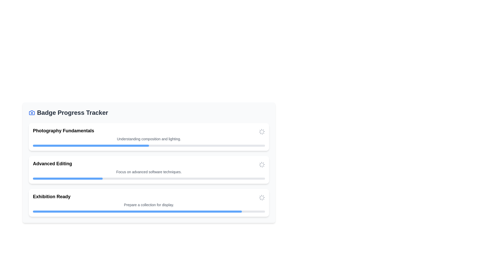 This screenshot has width=494, height=278. Describe the element at coordinates (149, 211) in the screenshot. I see `the progress of the horizontal progress bar located at the bottom of the 'Exhibition Ready' section, directly below the text 'Prepare a collection for display.'` at that location.